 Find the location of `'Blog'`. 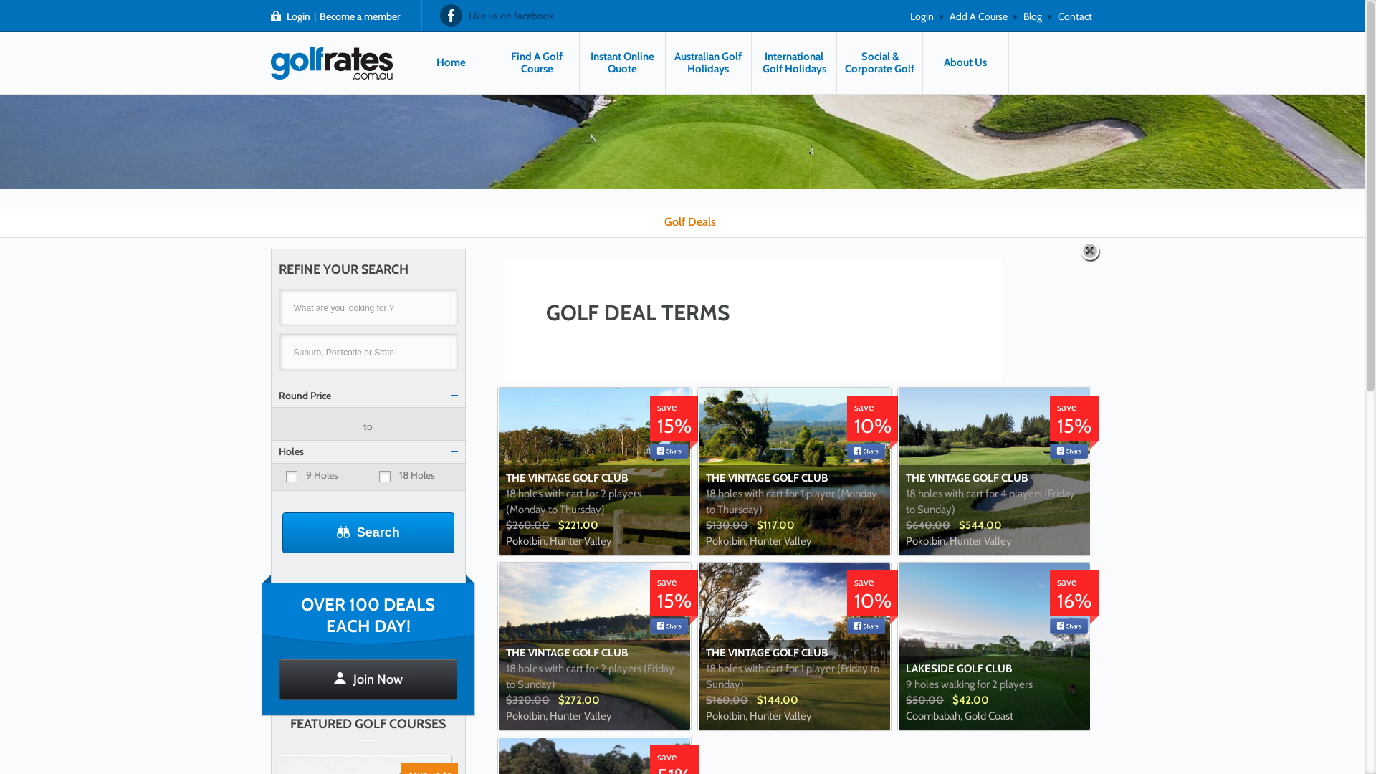

'Blog' is located at coordinates (1032, 14).